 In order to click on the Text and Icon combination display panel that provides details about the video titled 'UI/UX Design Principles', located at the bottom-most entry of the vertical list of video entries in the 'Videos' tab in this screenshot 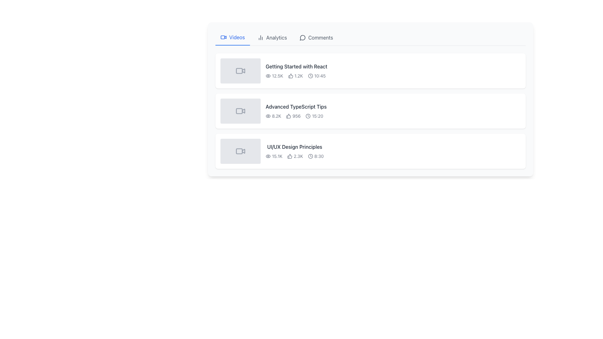, I will do `click(294, 151)`.